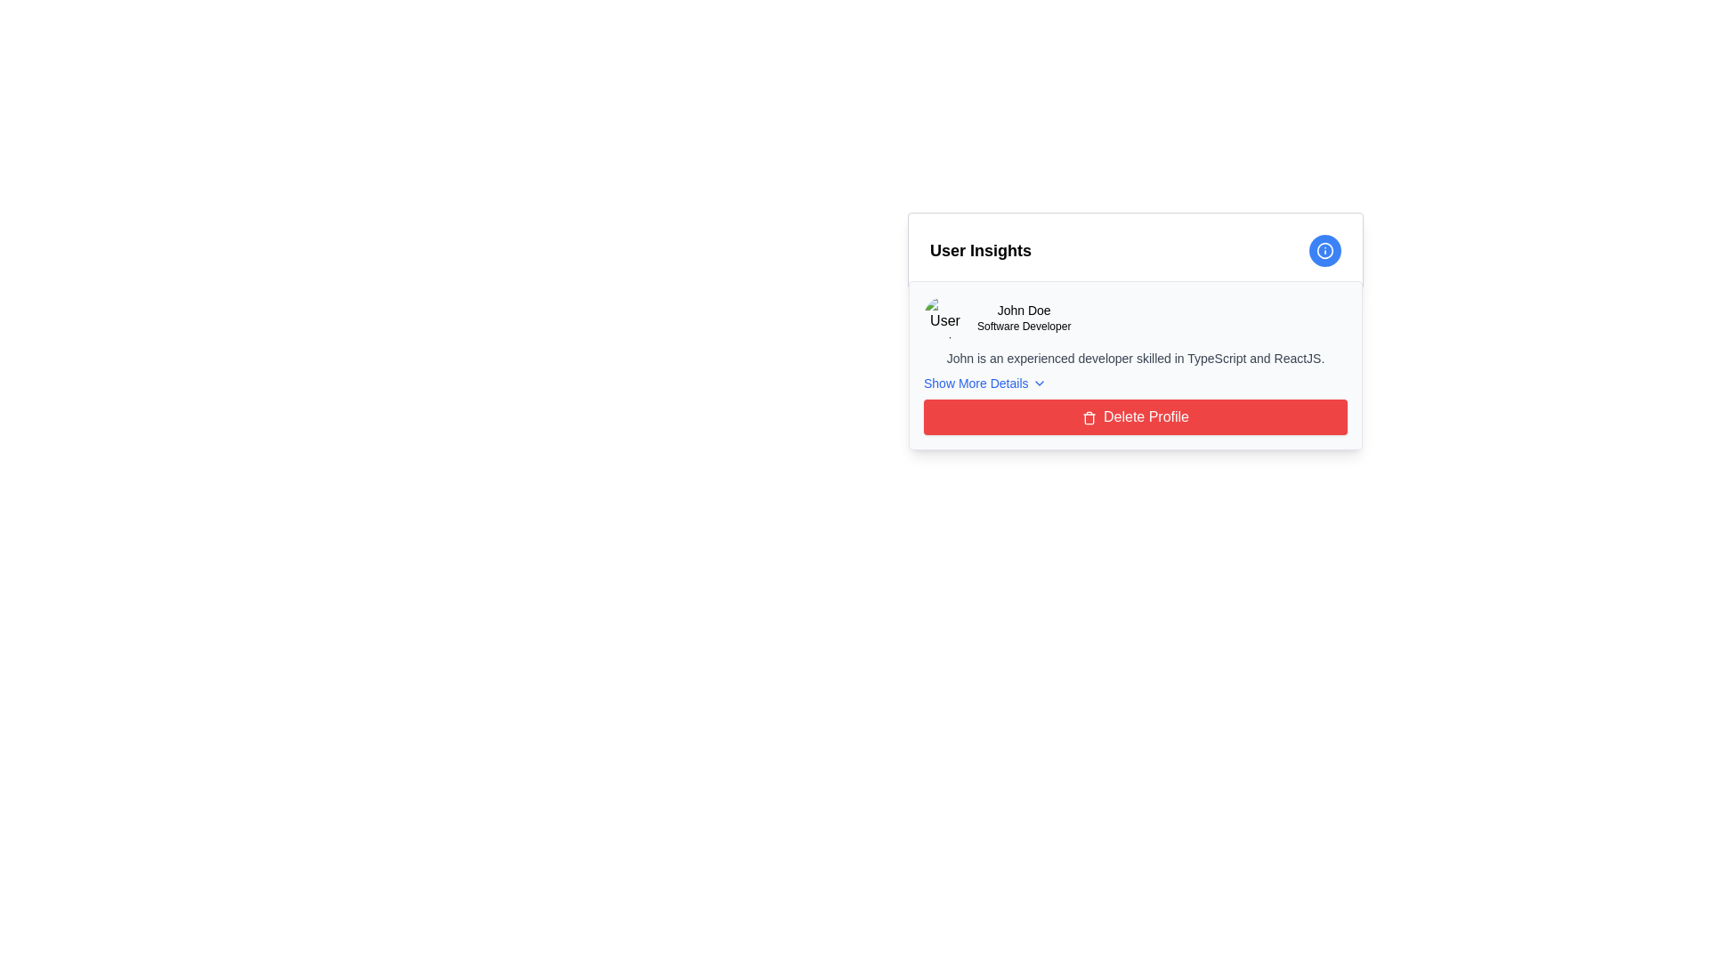 This screenshot has height=961, width=1709. Describe the element at coordinates (1135, 358) in the screenshot. I see `text that states: 'John is an experienced developer skilled in TypeScript and ReactJS.' which is styled with a smaller font size and gray color, located in the 'User Insights' section, above the 'Show More Details' text` at that location.